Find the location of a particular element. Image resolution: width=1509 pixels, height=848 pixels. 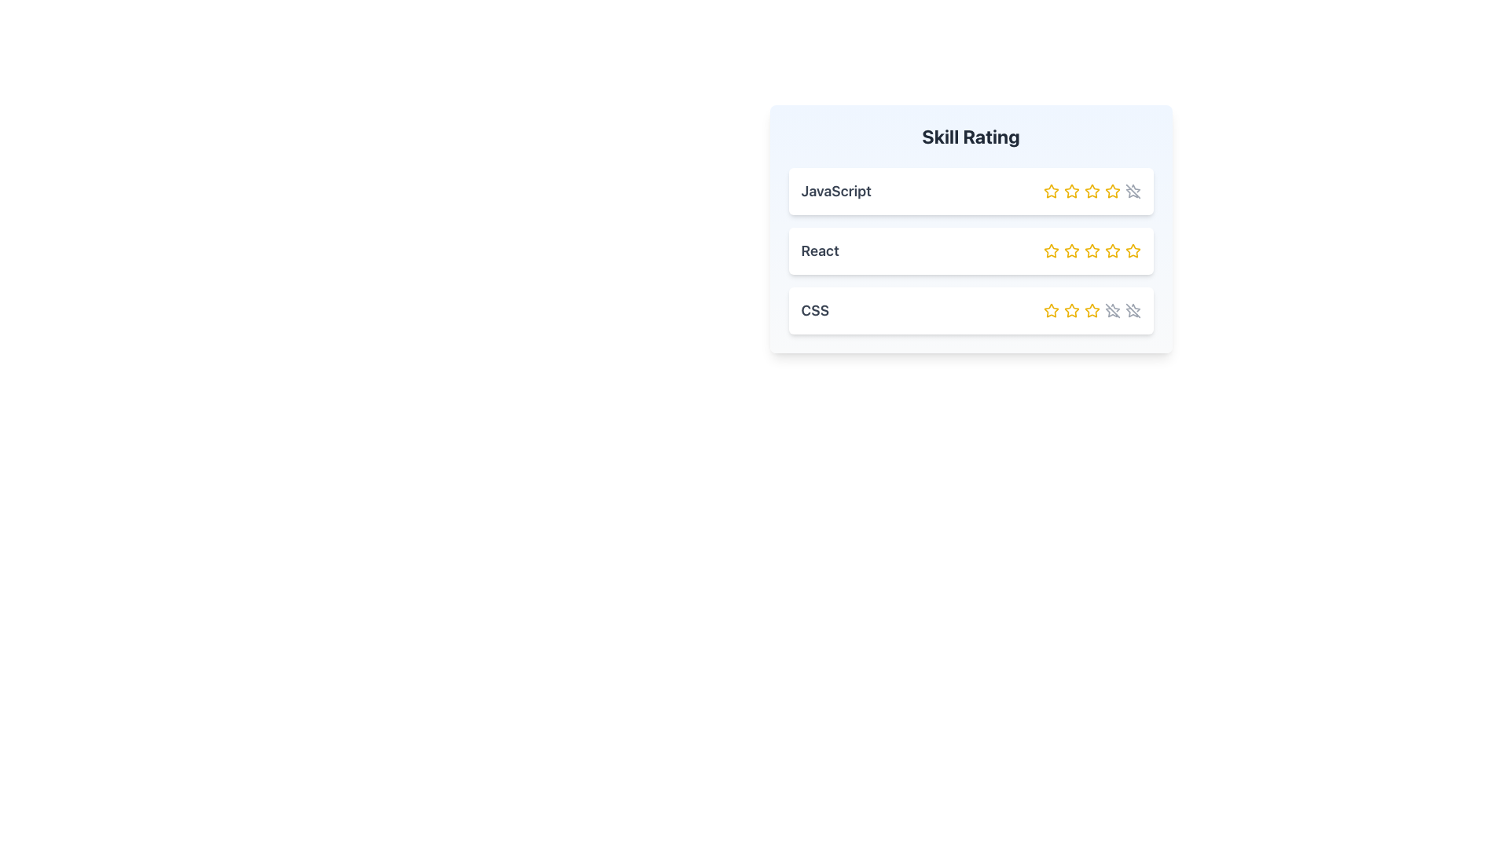

the third star in the 'CSS' skill rating interface to interact with the rating system is located at coordinates (1091, 311).